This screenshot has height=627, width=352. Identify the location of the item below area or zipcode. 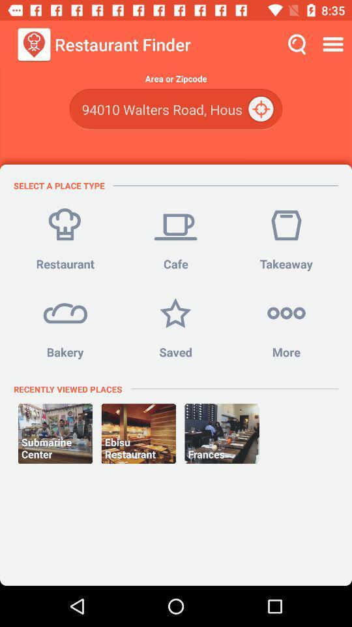
(175, 108).